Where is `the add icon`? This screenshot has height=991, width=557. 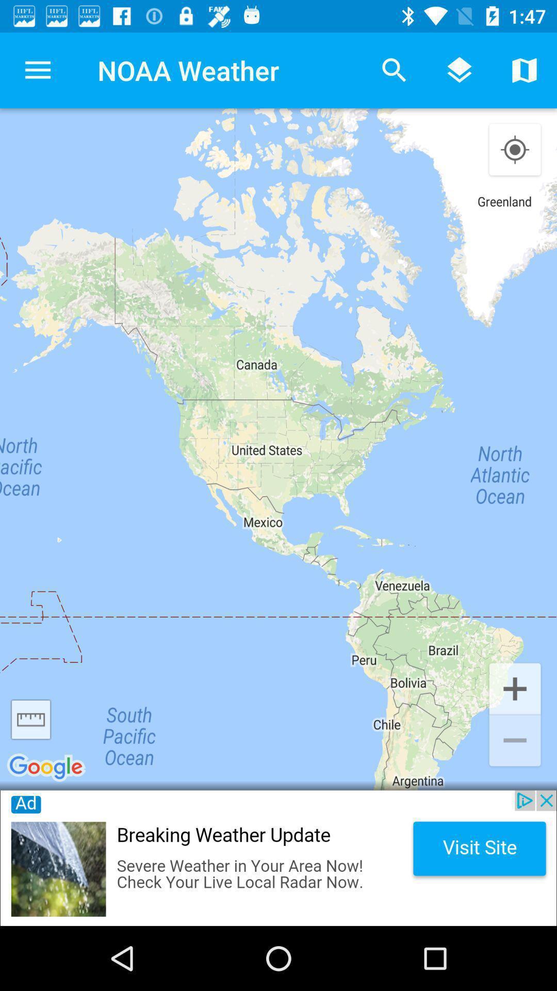
the add icon is located at coordinates (515, 688).